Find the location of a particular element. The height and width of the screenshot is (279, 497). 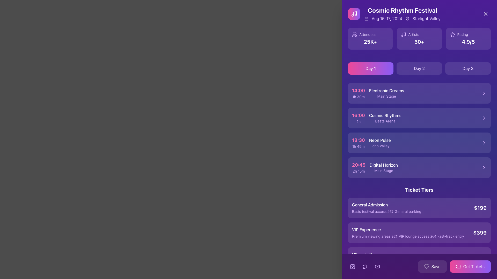

the text indicating the starting time of the event 'Electronic Dreams' in the schedule, positioned above the event title and to the left of the duration '1h 30m' is located at coordinates (358, 90).